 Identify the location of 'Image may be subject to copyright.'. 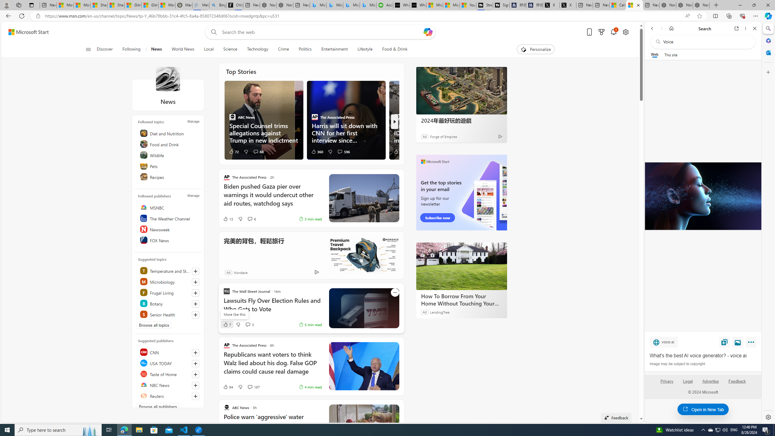
(677, 363).